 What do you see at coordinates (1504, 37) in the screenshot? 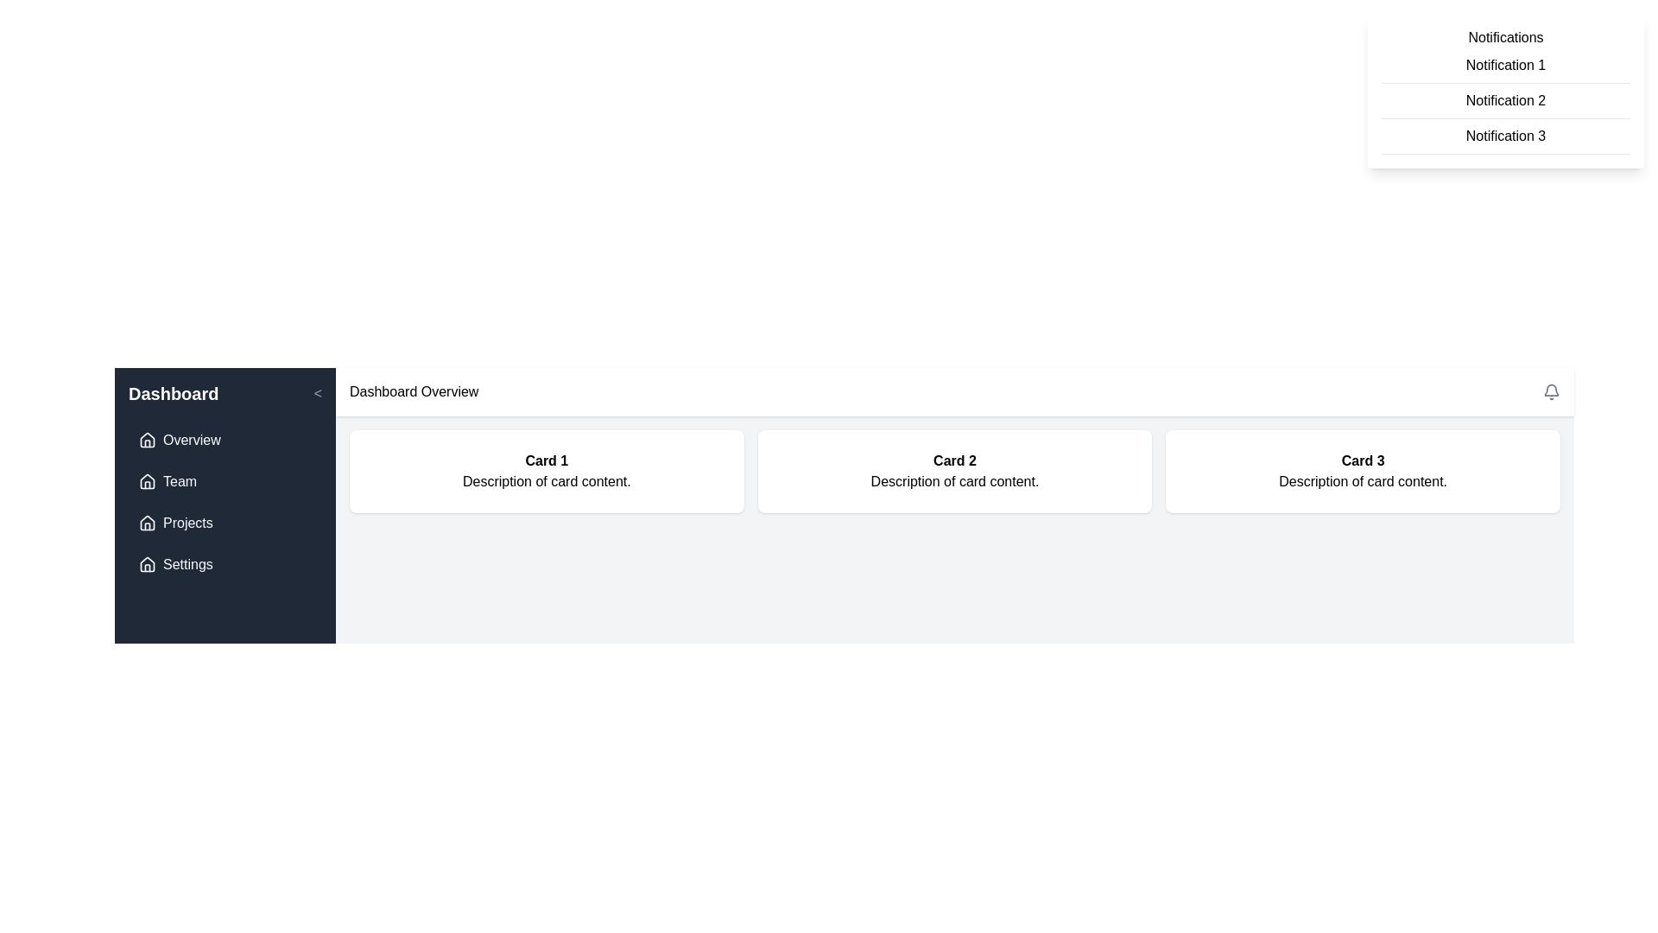
I see `the Text Label that serves as the title or header for the notification panel, located at the top-right corner of the interface` at bounding box center [1504, 37].